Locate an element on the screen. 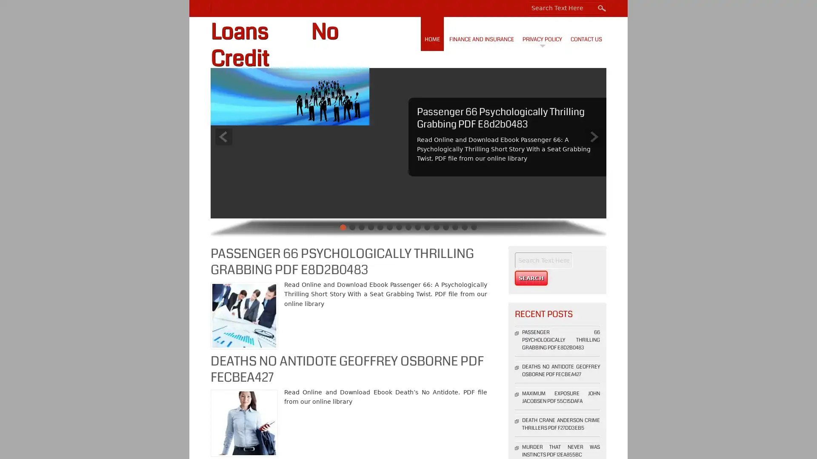 The image size is (817, 459). Search is located at coordinates (531, 278).